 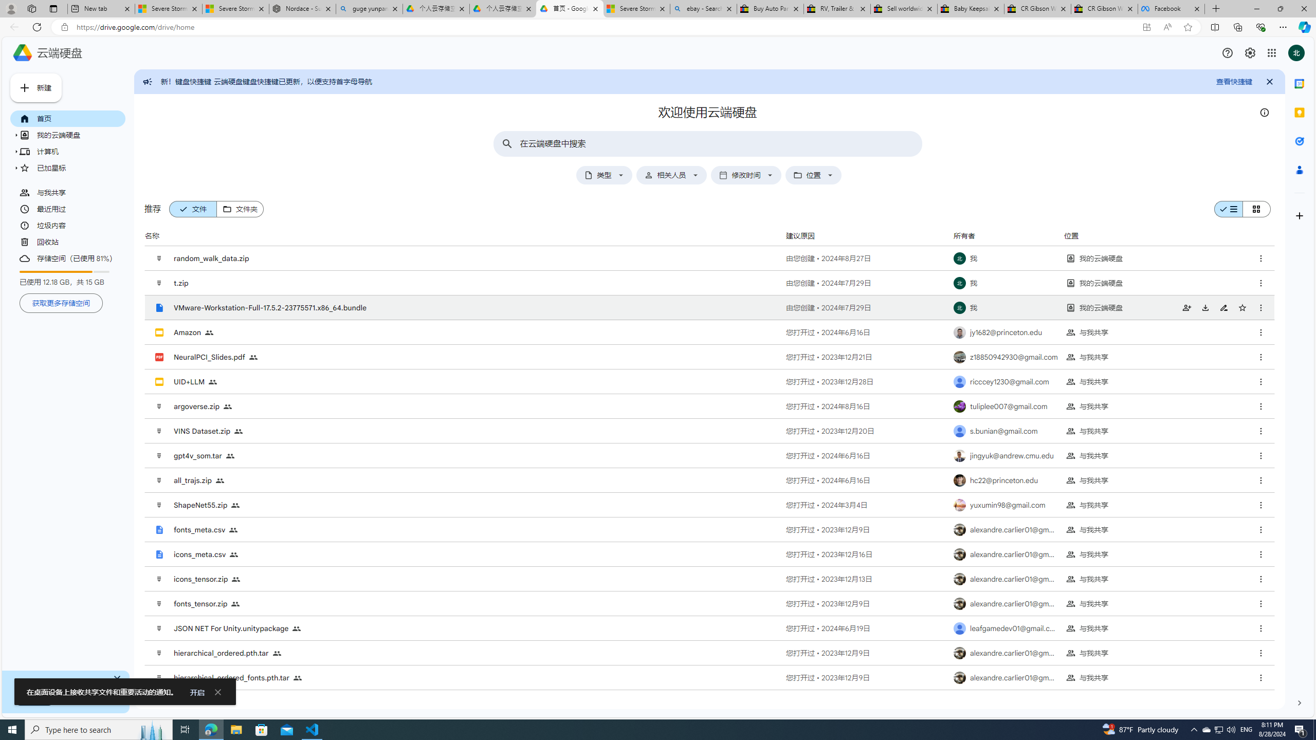 I want to click on 'Class: f8nwhd-qb23S-kBDsod f8nwhd-qb23S-b9nz9e-Rd', so click(x=1251, y=208).